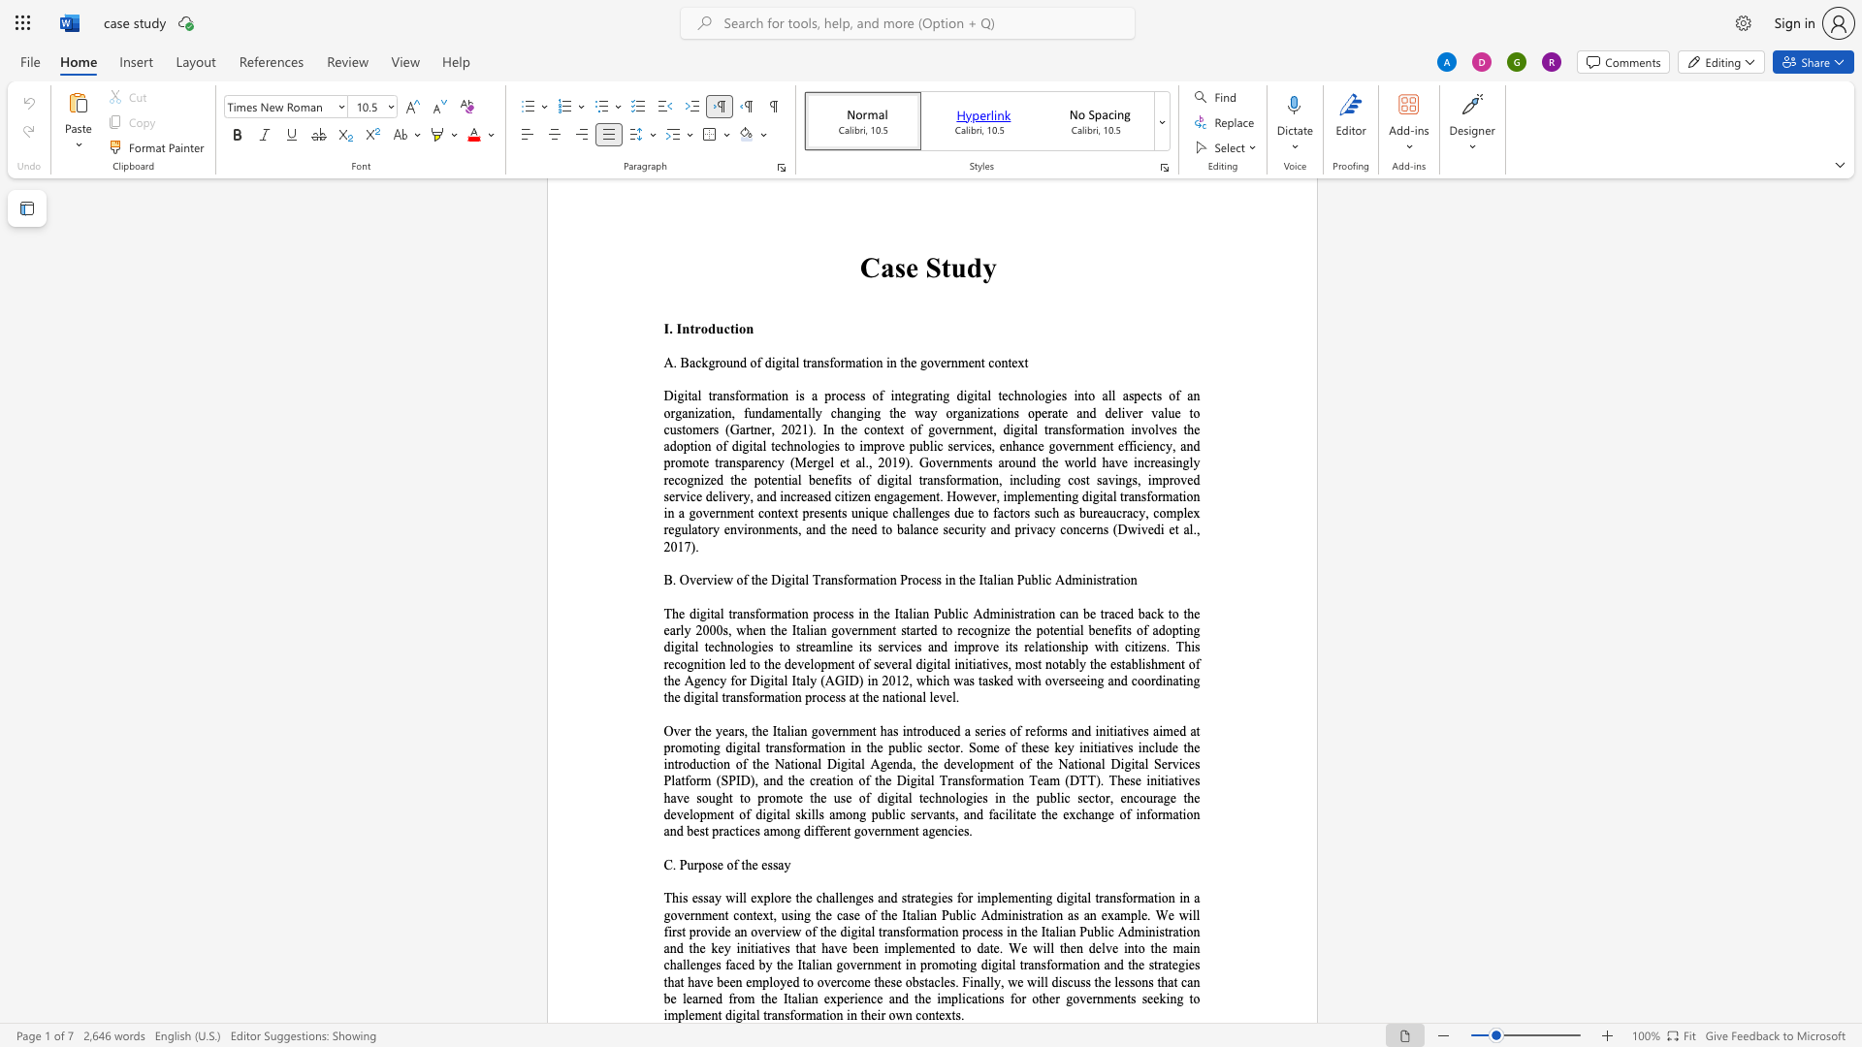  Describe the element at coordinates (670, 999) in the screenshot. I see `the space between the continuous character "b" and "e" in the text` at that location.